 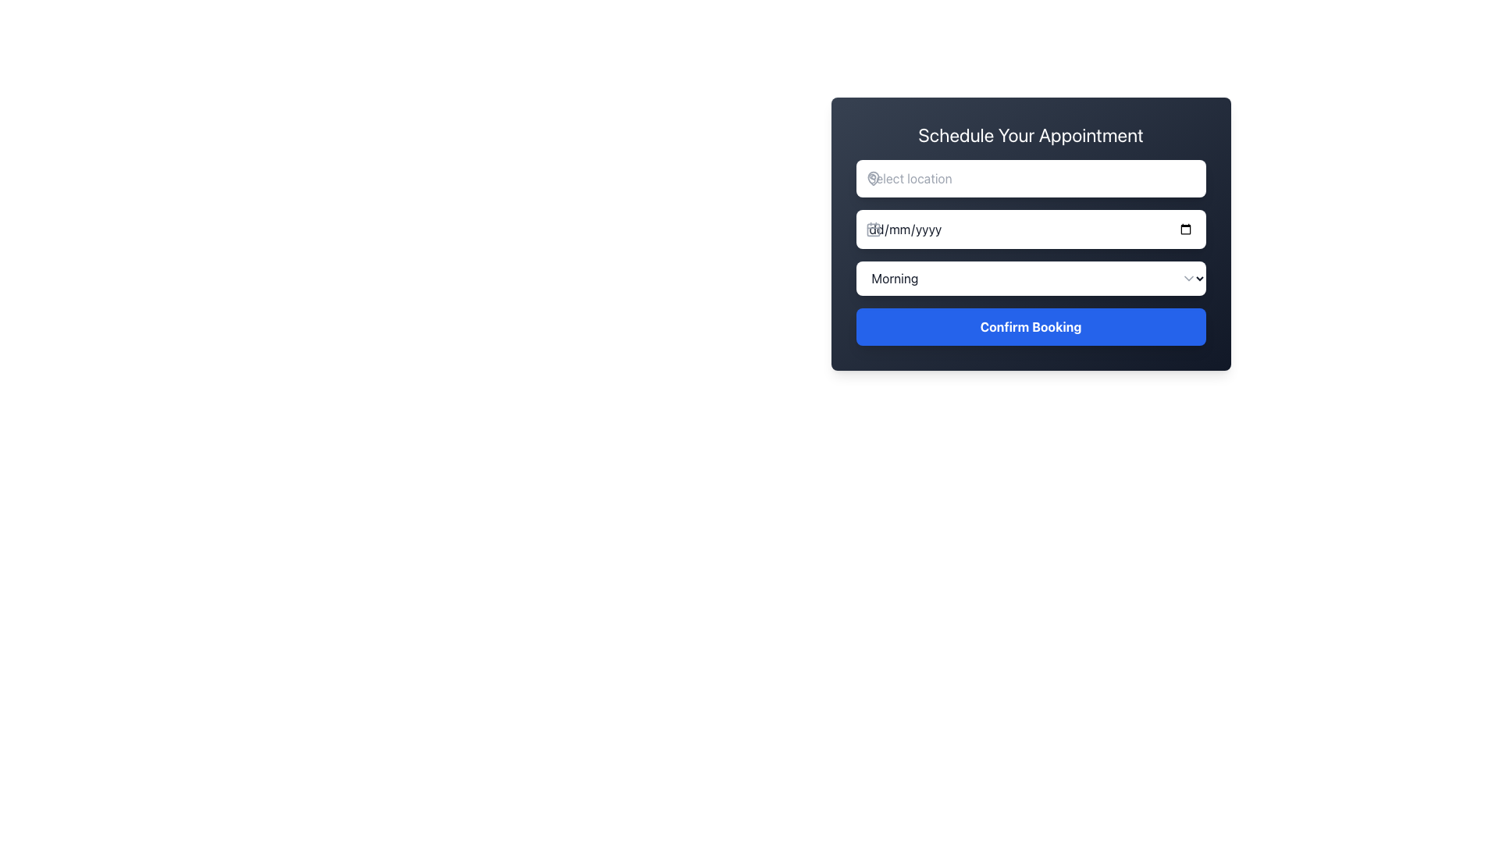 What do you see at coordinates (1031, 234) in the screenshot?
I see `a date from the calendar by clicking on the text input field with placeholder text and a calendar icon located below the 'Select location' field and above the 'Morning' dropdown` at bounding box center [1031, 234].